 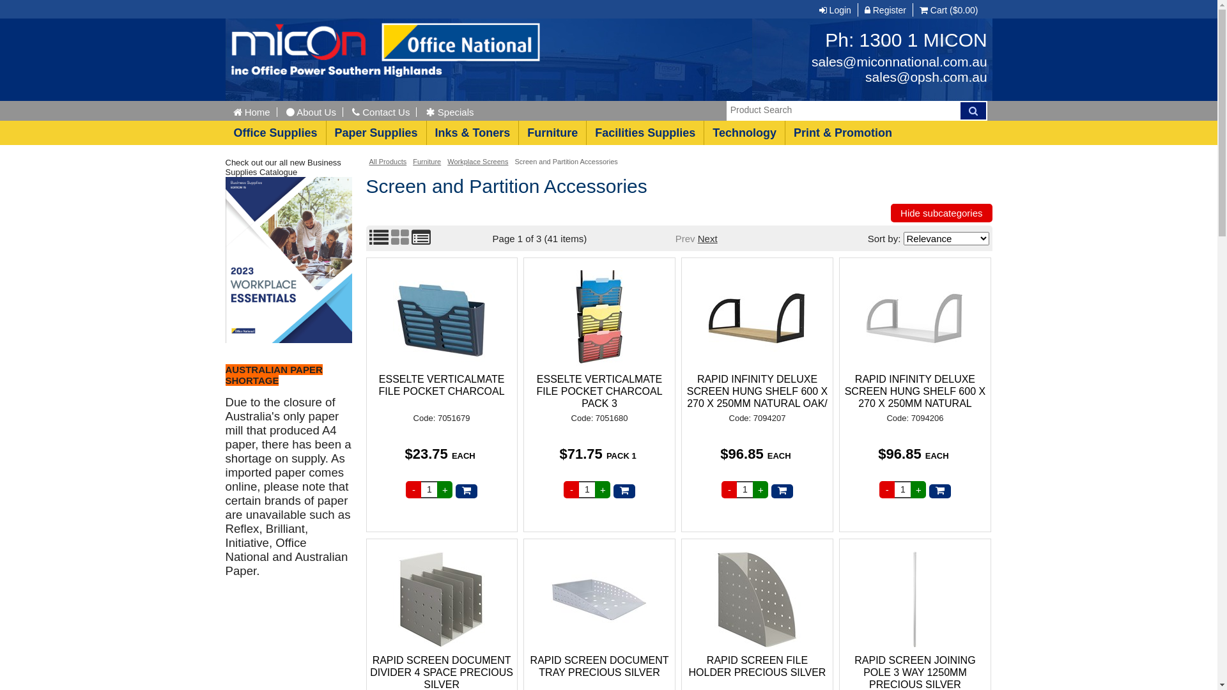 What do you see at coordinates (254, 111) in the screenshot?
I see `'Home'` at bounding box center [254, 111].